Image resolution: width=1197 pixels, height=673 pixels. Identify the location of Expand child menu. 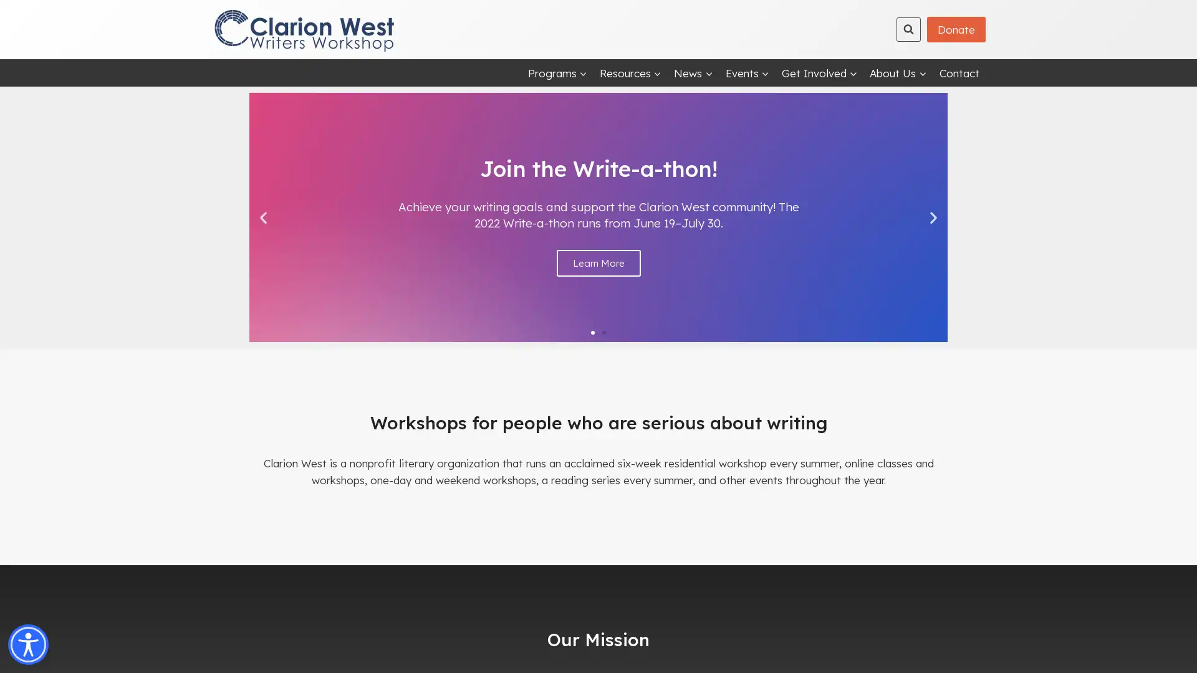
(630, 72).